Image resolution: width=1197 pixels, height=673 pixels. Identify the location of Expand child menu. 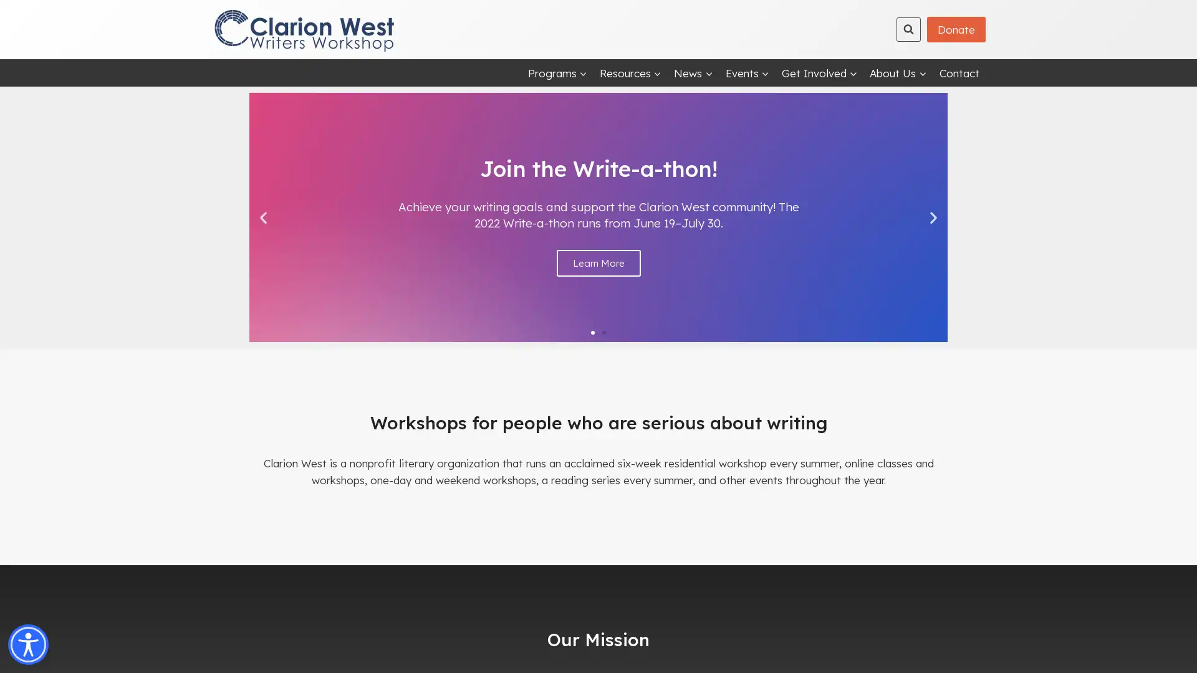
(630, 72).